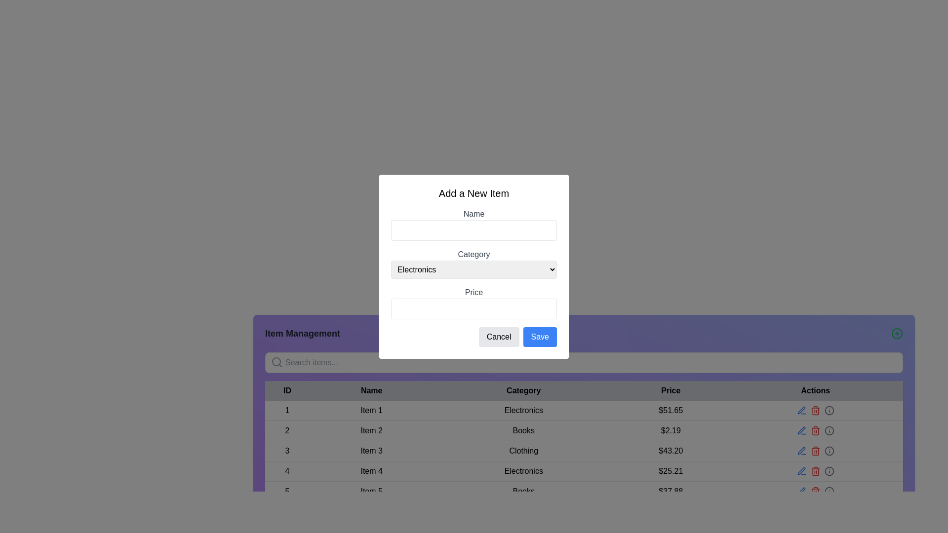 The image size is (948, 533). What do you see at coordinates (815, 471) in the screenshot?
I see `the red trash can icon in the Actions column of the table row` at bounding box center [815, 471].